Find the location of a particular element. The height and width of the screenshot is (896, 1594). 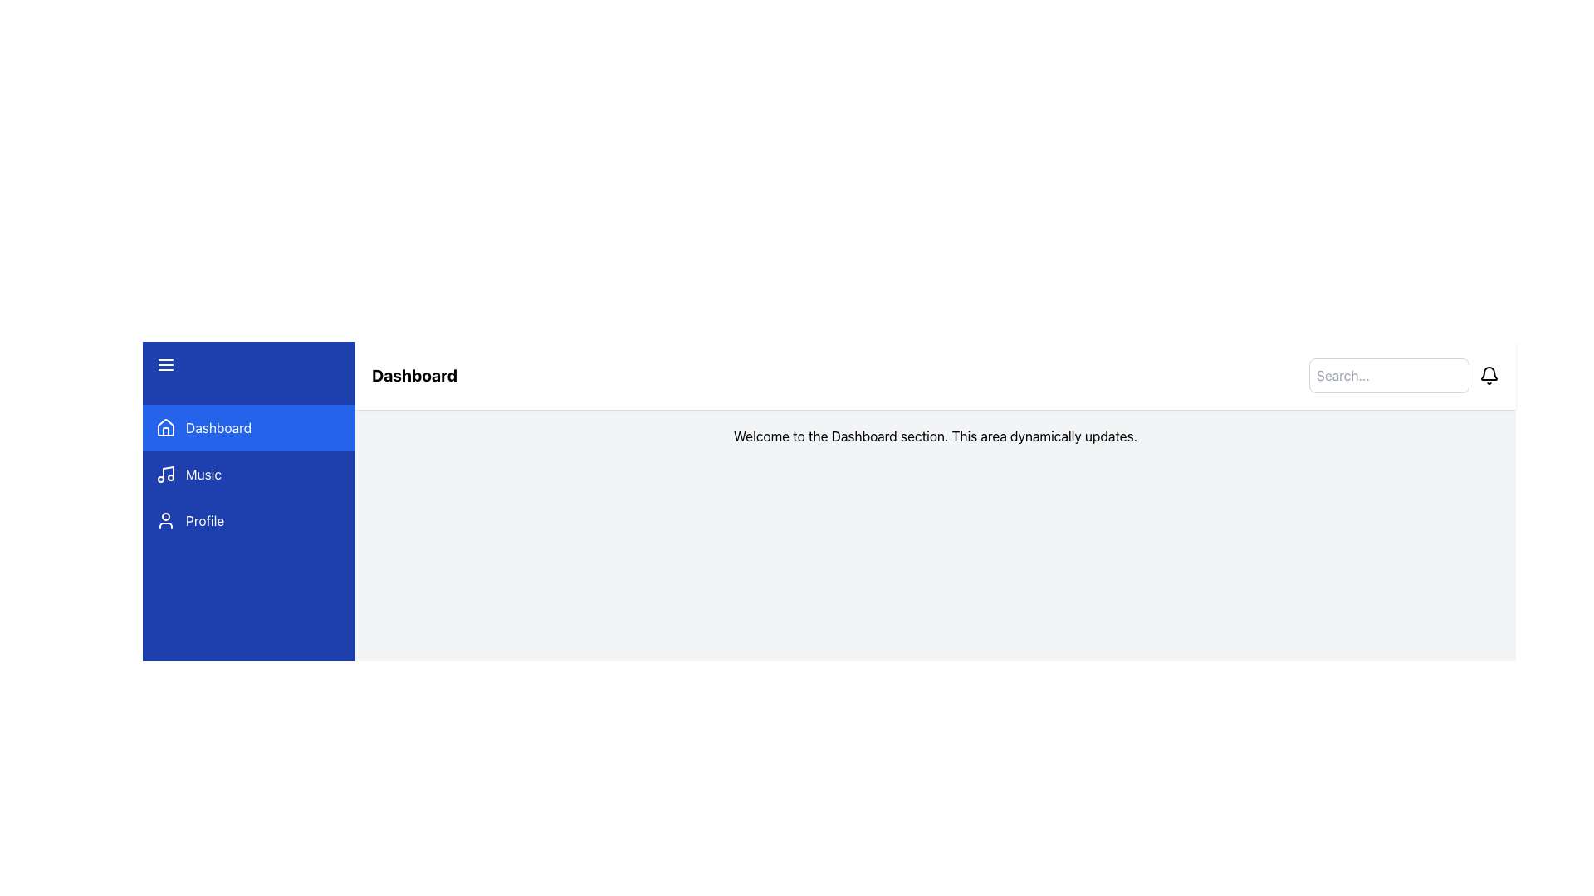

the 'Profile' navigation link located in the vertical navigation bar, which is the third item in the list is located at coordinates (247, 520).